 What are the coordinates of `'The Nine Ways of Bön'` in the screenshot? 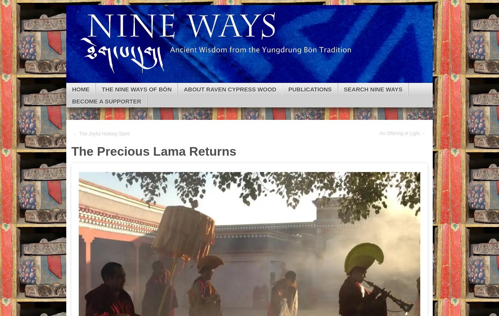 It's located at (136, 89).